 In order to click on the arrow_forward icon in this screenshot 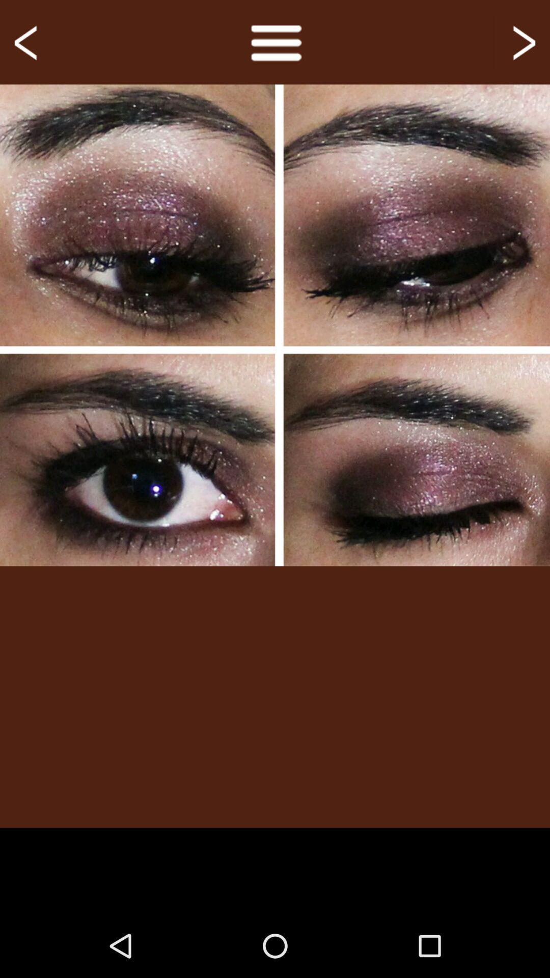, I will do `click(522, 44)`.